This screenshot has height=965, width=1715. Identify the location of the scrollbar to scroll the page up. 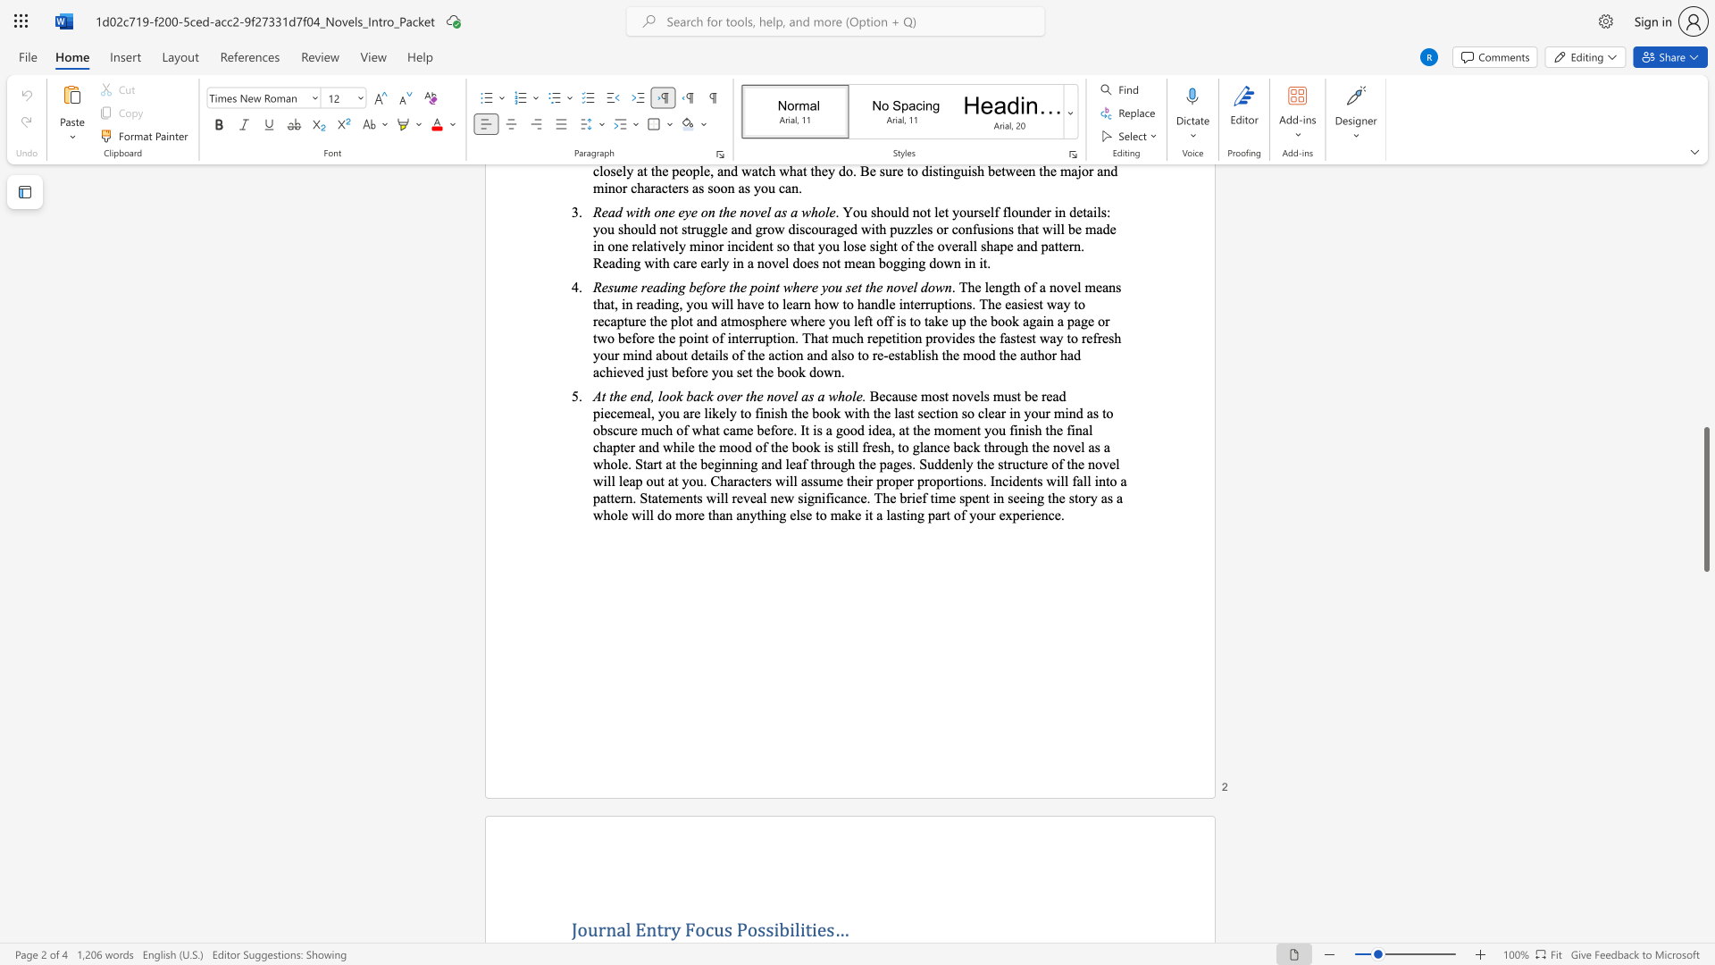
(1705, 331).